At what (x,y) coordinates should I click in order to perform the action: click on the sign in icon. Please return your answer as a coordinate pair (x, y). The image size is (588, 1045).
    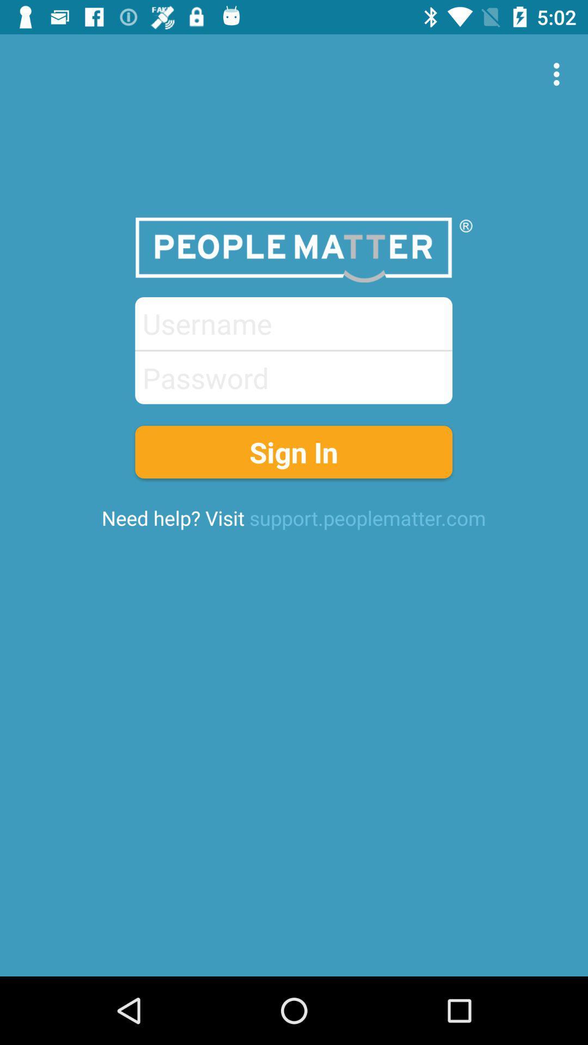
    Looking at the image, I should click on (293, 452).